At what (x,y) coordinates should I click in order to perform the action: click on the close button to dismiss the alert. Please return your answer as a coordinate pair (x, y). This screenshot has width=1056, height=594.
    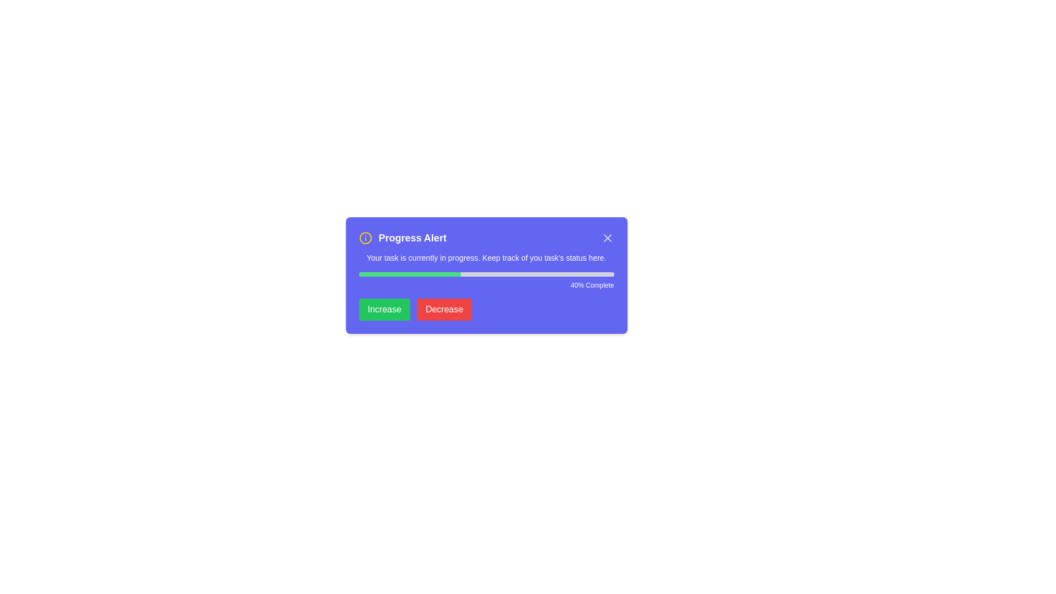
    Looking at the image, I should click on (607, 237).